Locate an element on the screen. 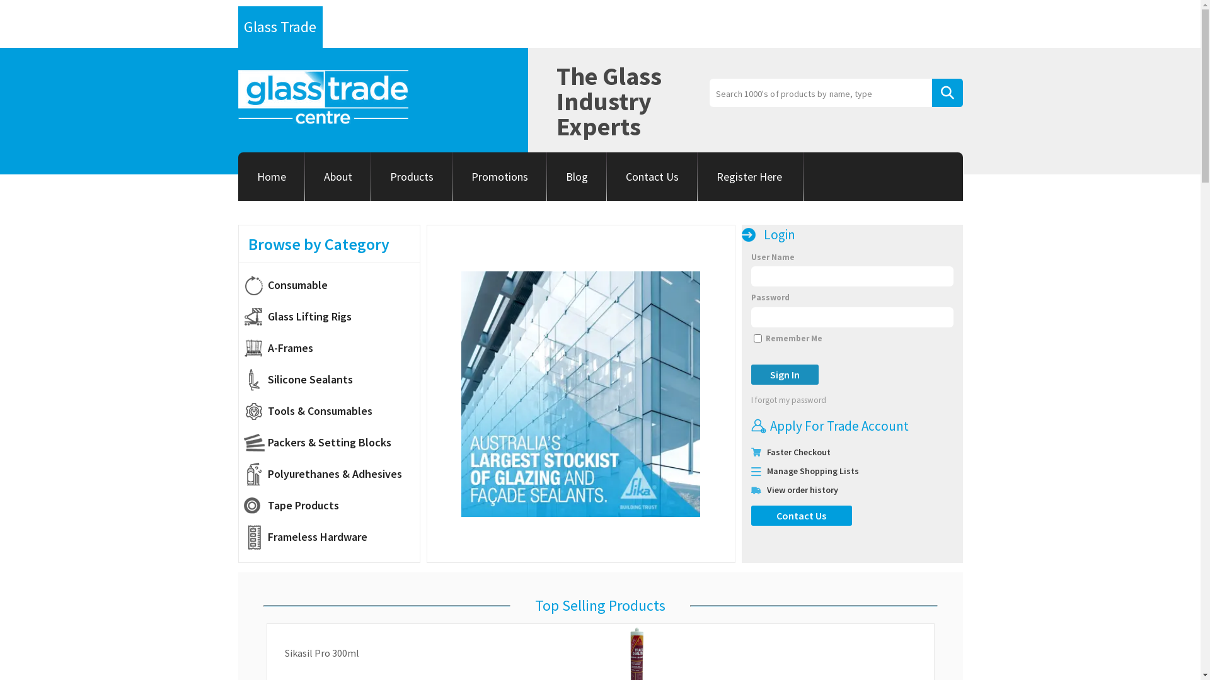  'Packers & Setting Blocks' is located at coordinates (331, 441).